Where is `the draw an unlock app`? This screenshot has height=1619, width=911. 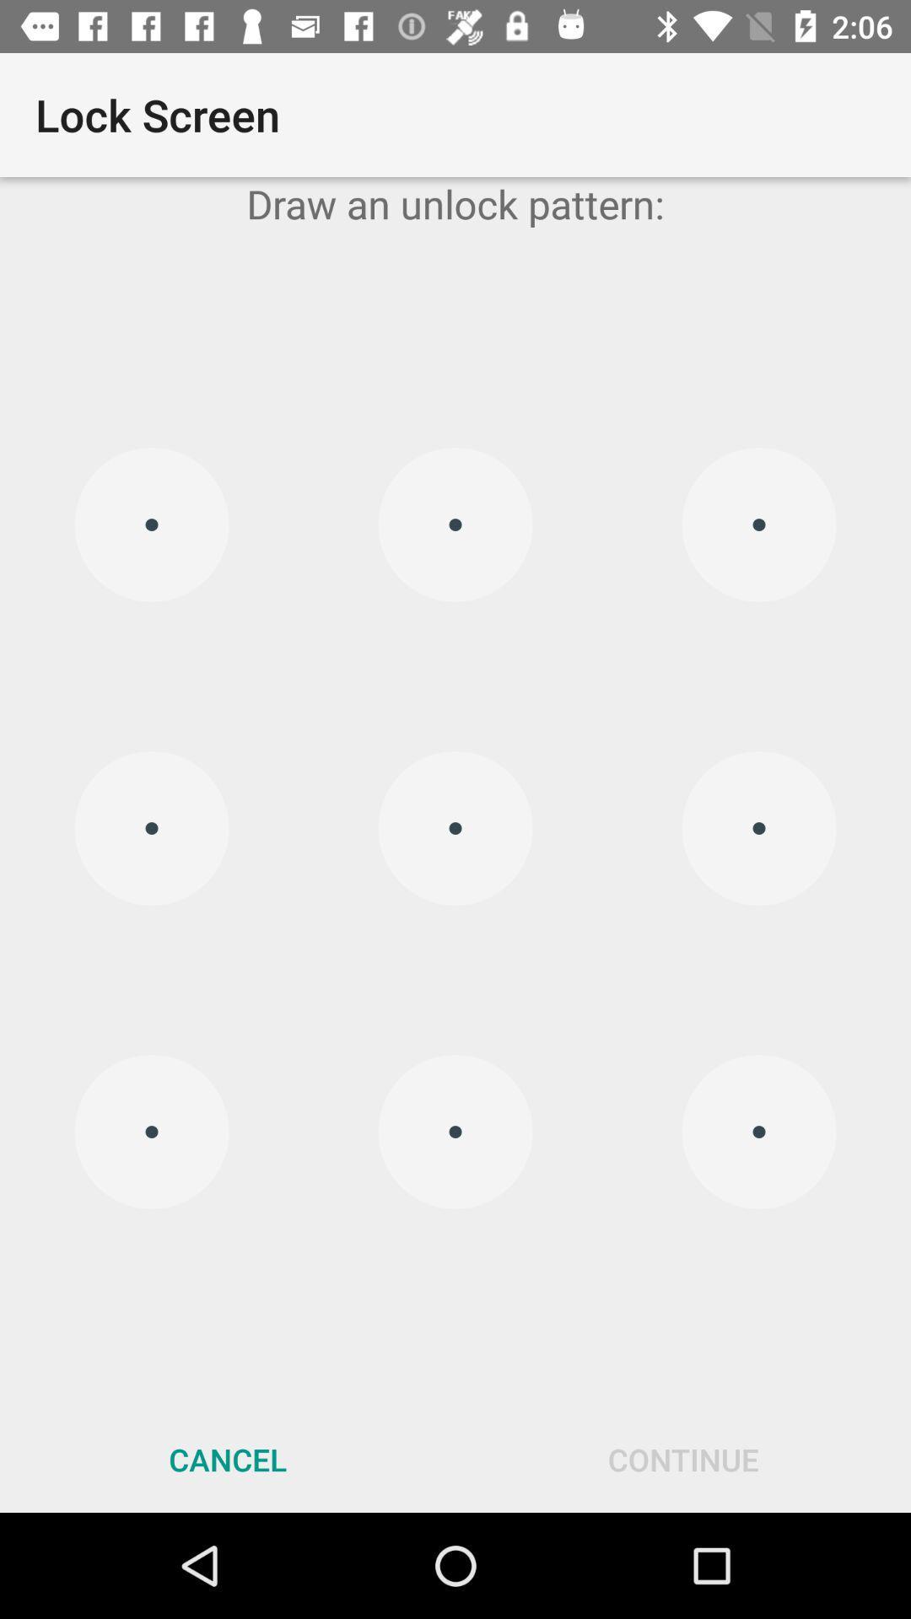
the draw an unlock app is located at coordinates (455, 202).